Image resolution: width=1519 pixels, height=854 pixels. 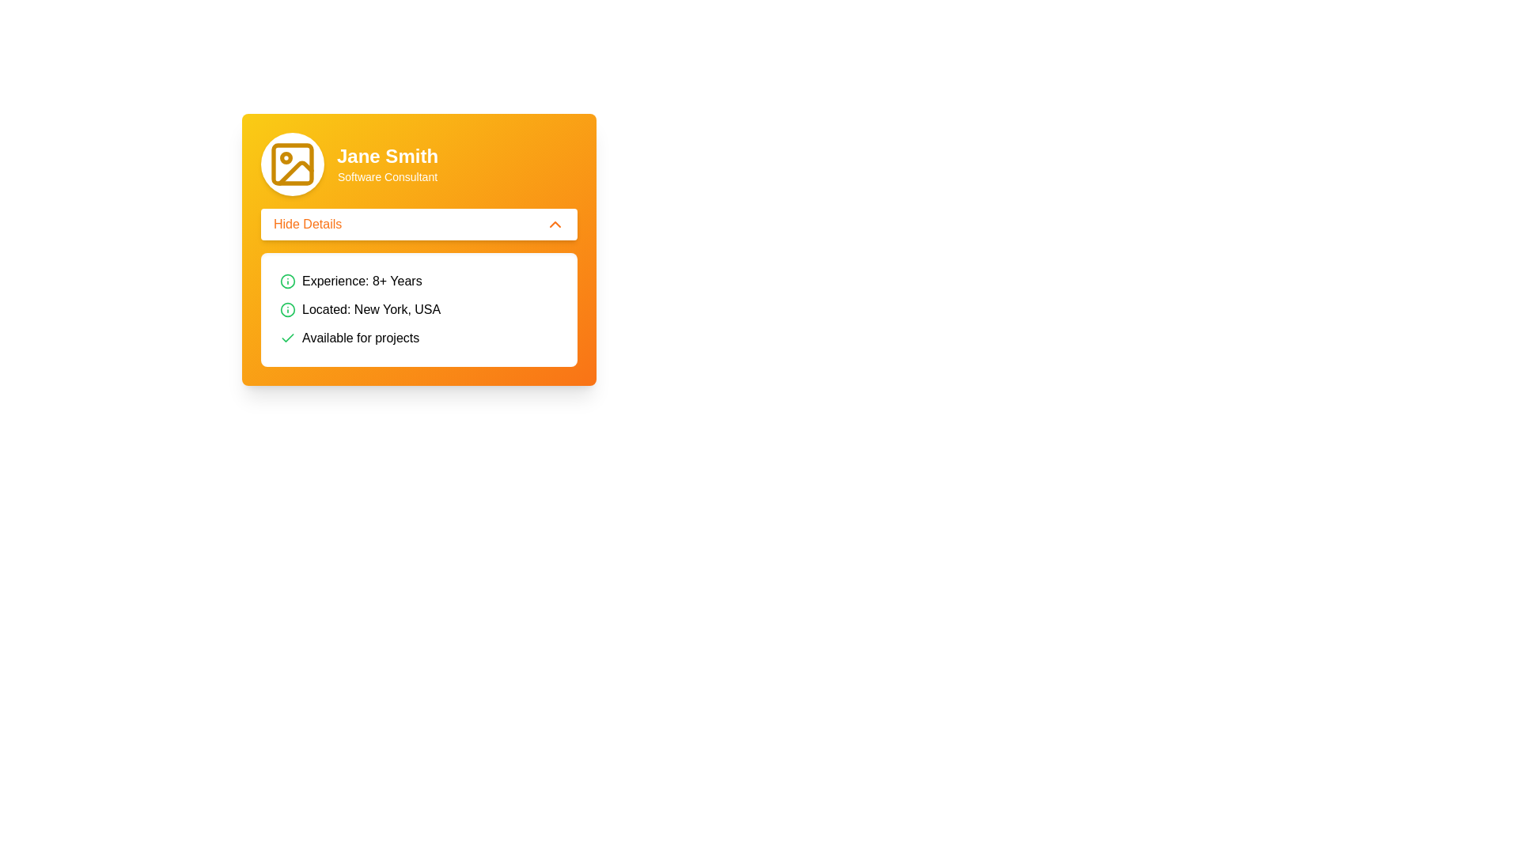 What do you see at coordinates (555, 225) in the screenshot?
I see `the icon located at the far-right end of the 'Hide Details' button to interact programmatically` at bounding box center [555, 225].